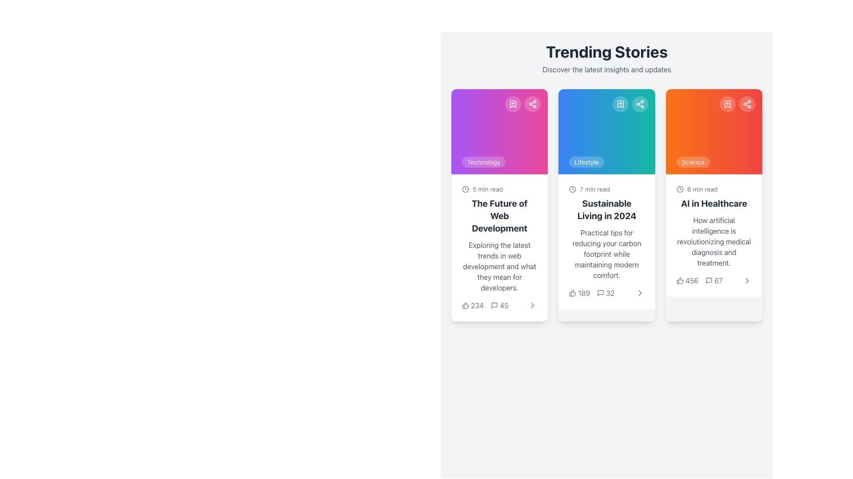  I want to click on numbers for likes and comments from the pair of icon-text elements located at the bottom of the 'Sustainable Living in 2024' card, just above the right arrow, so click(606, 293).